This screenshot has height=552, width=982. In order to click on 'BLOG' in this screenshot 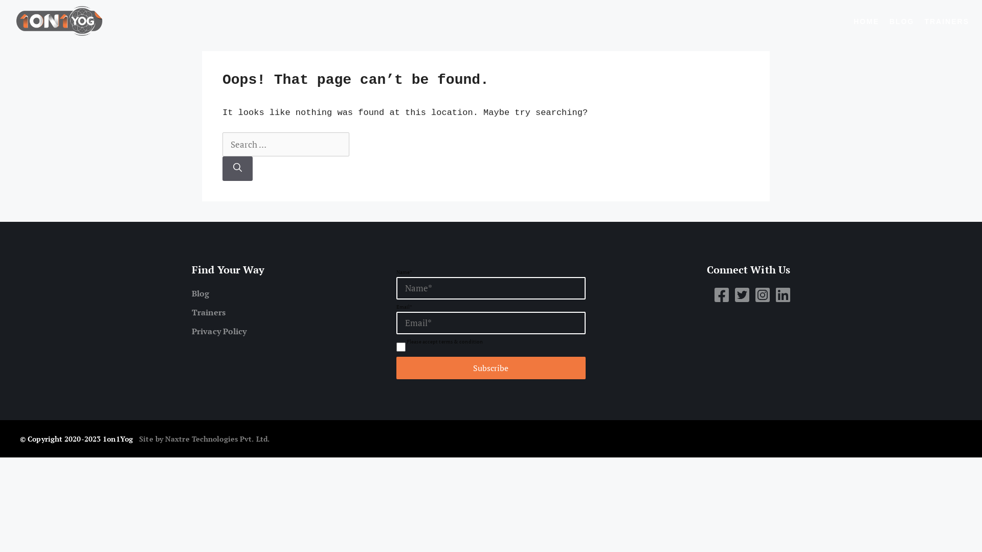, I will do `click(901, 21)`.